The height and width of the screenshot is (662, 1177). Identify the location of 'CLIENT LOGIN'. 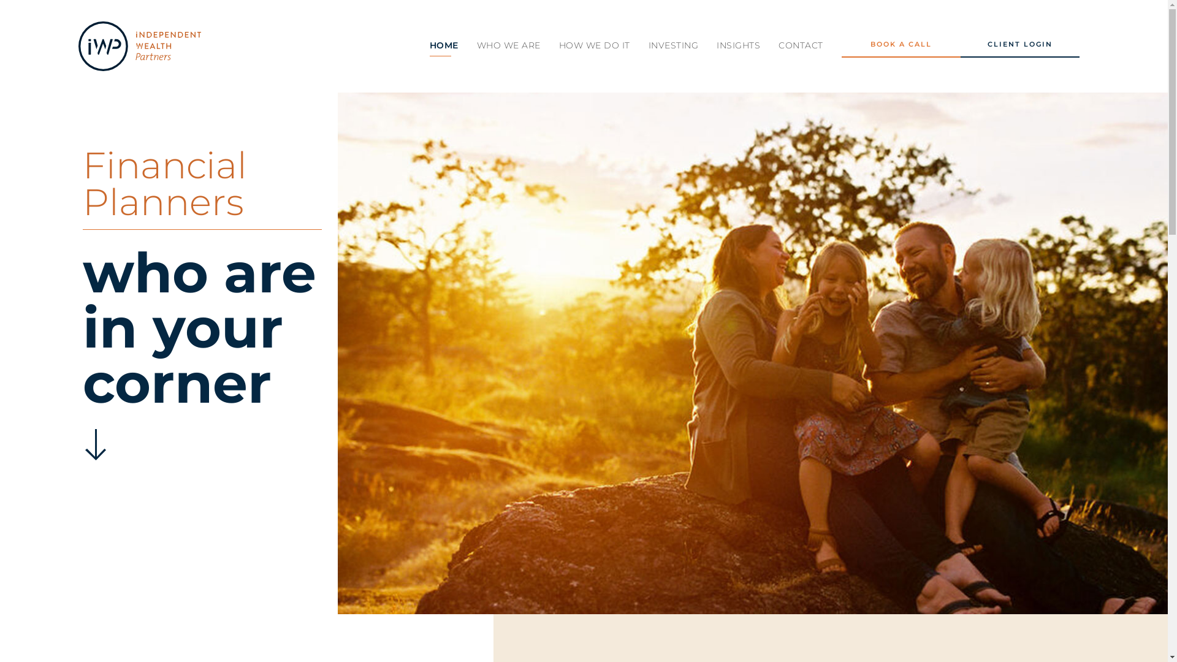
(959, 47).